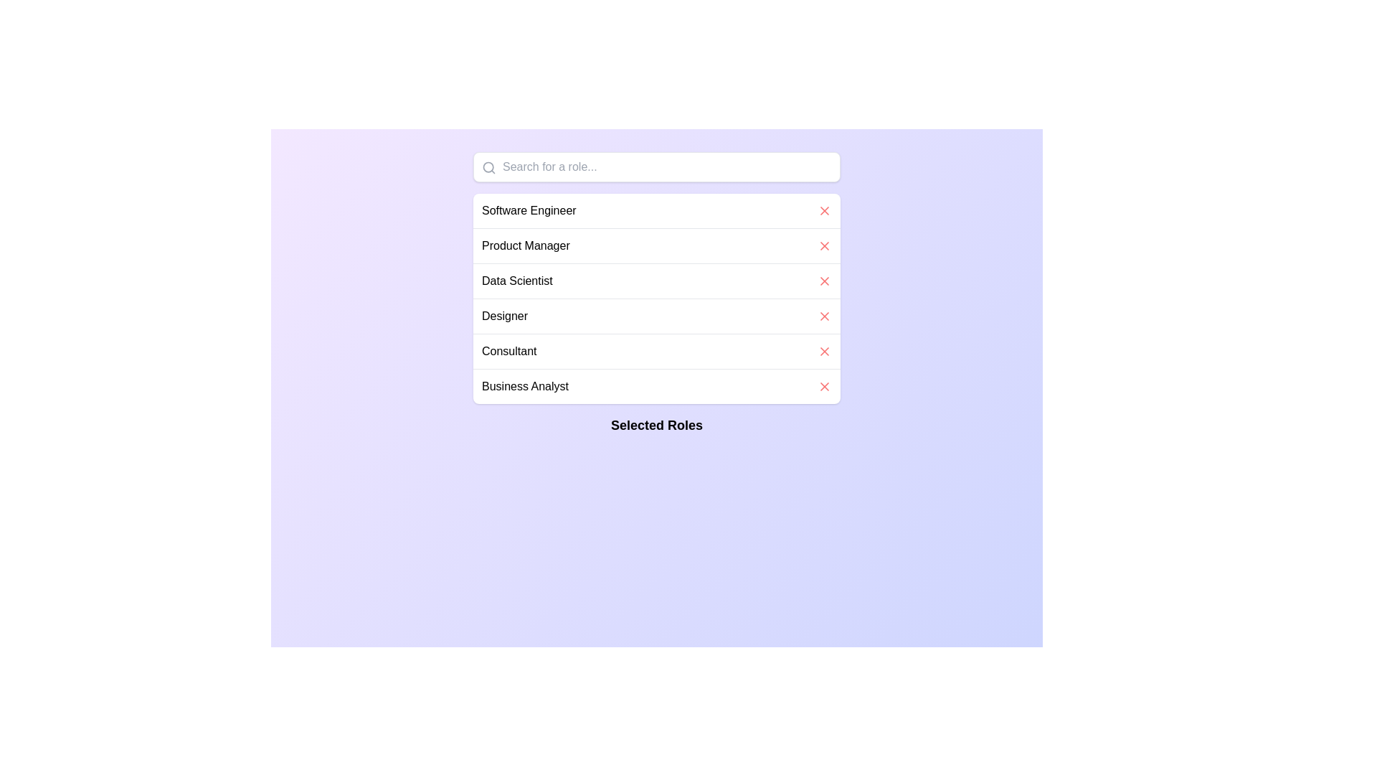 Image resolution: width=1377 pixels, height=775 pixels. Describe the element at coordinates (656, 315) in the screenshot. I see `the fourth item in the selectable roles list, which represents the role tagged as 'Designer'` at that location.